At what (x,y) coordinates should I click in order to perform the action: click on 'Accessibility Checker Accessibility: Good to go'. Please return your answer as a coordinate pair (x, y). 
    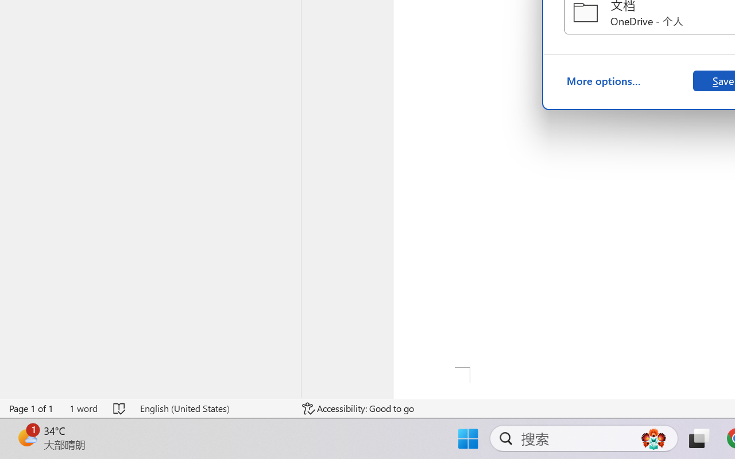
    Looking at the image, I should click on (358, 408).